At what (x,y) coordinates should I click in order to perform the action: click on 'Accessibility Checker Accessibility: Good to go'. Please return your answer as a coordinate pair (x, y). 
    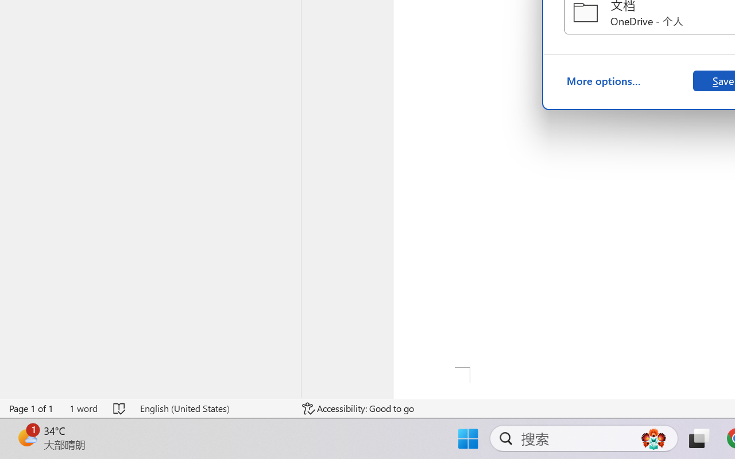
    Looking at the image, I should click on (358, 408).